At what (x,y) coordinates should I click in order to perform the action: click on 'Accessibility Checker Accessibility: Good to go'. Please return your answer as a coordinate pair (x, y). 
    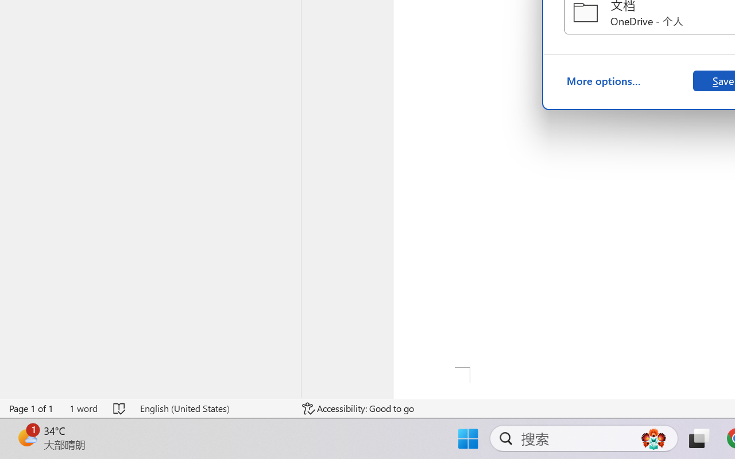
    Looking at the image, I should click on (358, 408).